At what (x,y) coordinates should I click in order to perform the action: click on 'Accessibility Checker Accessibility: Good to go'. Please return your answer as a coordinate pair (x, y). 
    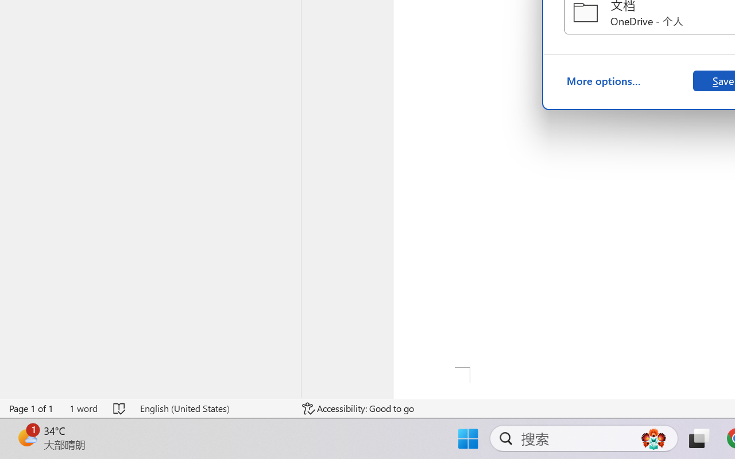
    Looking at the image, I should click on (358, 408).